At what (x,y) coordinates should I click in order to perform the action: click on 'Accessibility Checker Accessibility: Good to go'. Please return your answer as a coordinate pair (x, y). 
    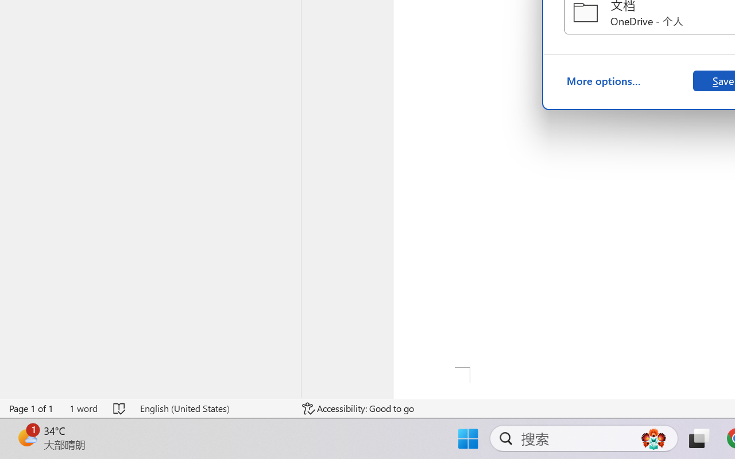
    Looking at the image, I should click on (358, 408).